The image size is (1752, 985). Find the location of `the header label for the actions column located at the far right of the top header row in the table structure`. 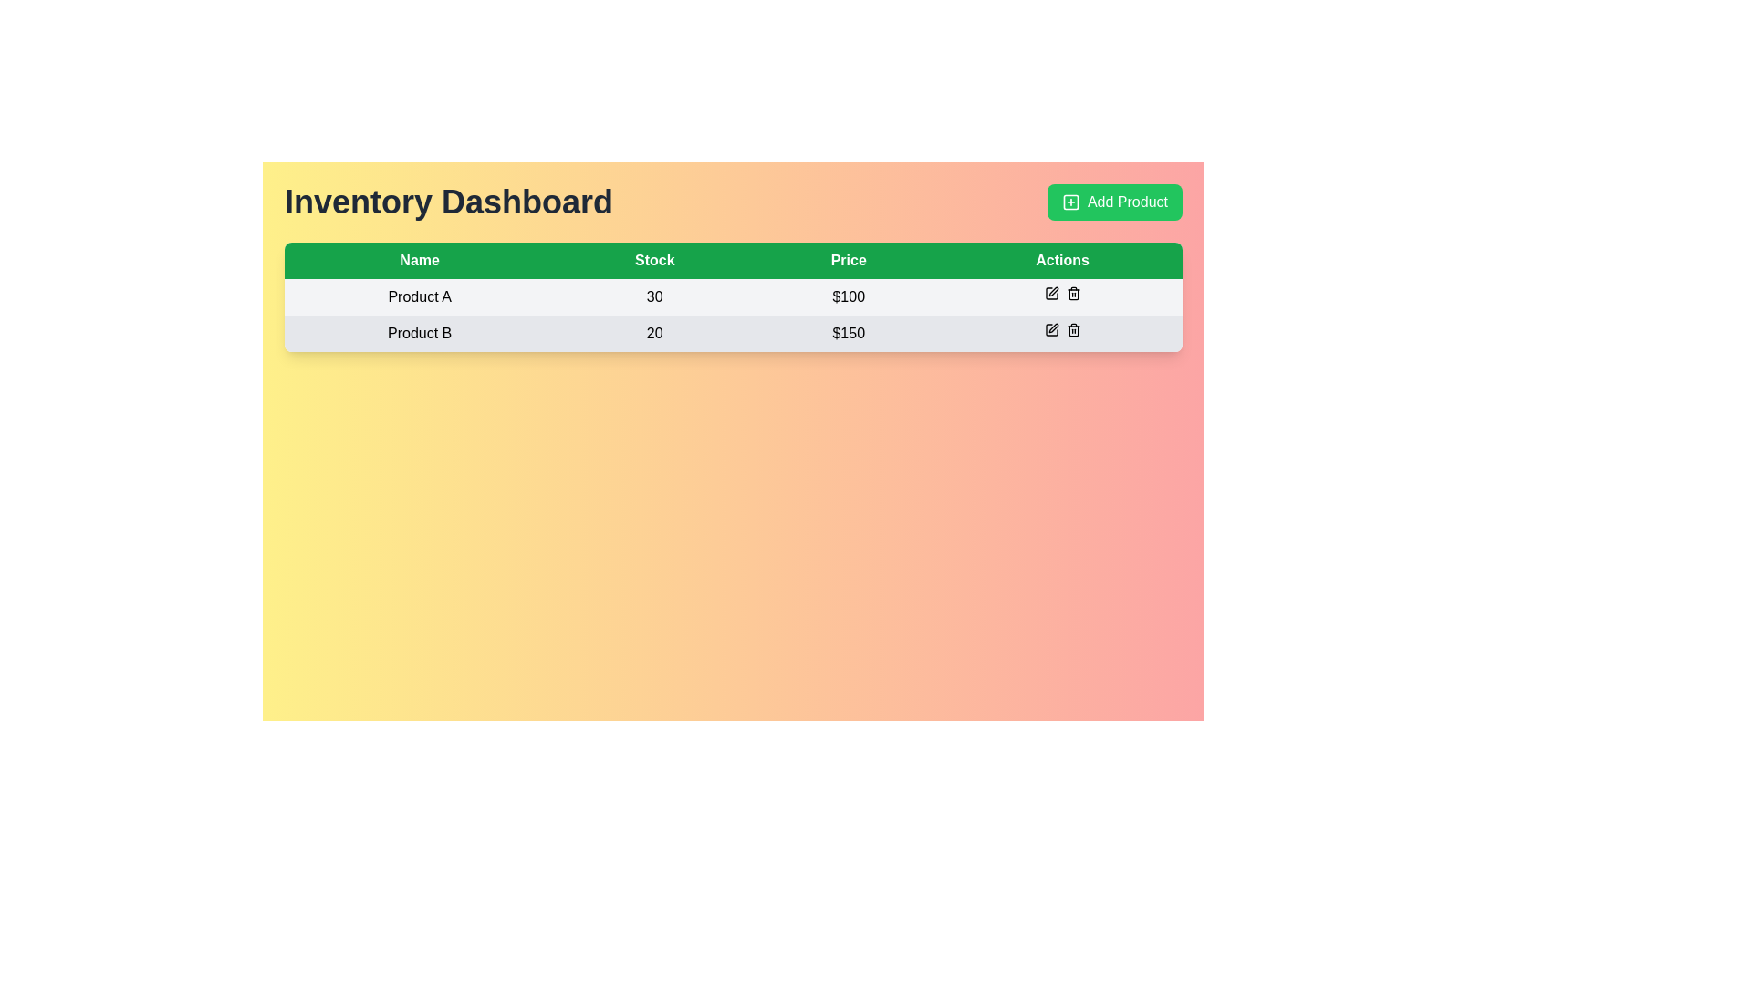

the header label for the actions column located at the far right of the top header row in the table structure is located at coordinates (1062, 260).